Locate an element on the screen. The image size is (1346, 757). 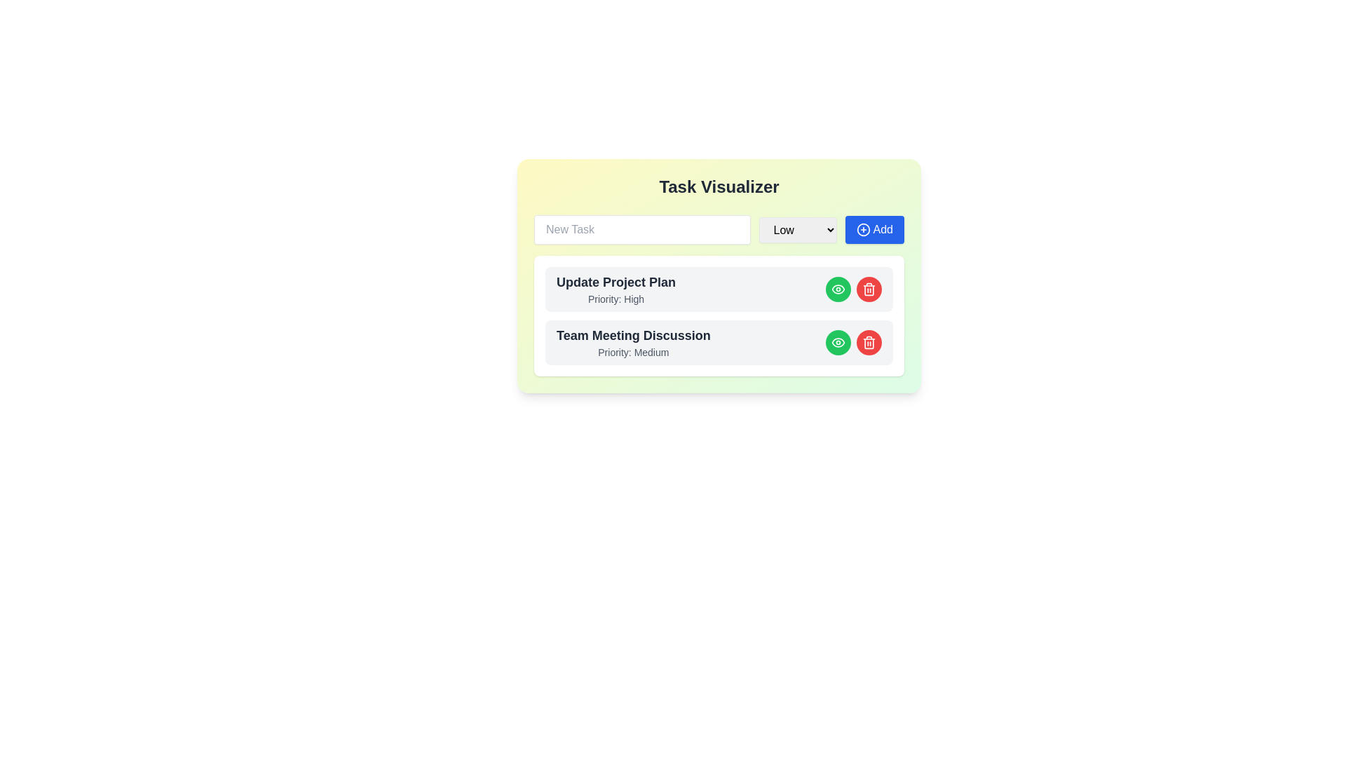
the label inside the blue 'Add' button located on the right-hand side of the task input area is located at coordinates (882, 229).